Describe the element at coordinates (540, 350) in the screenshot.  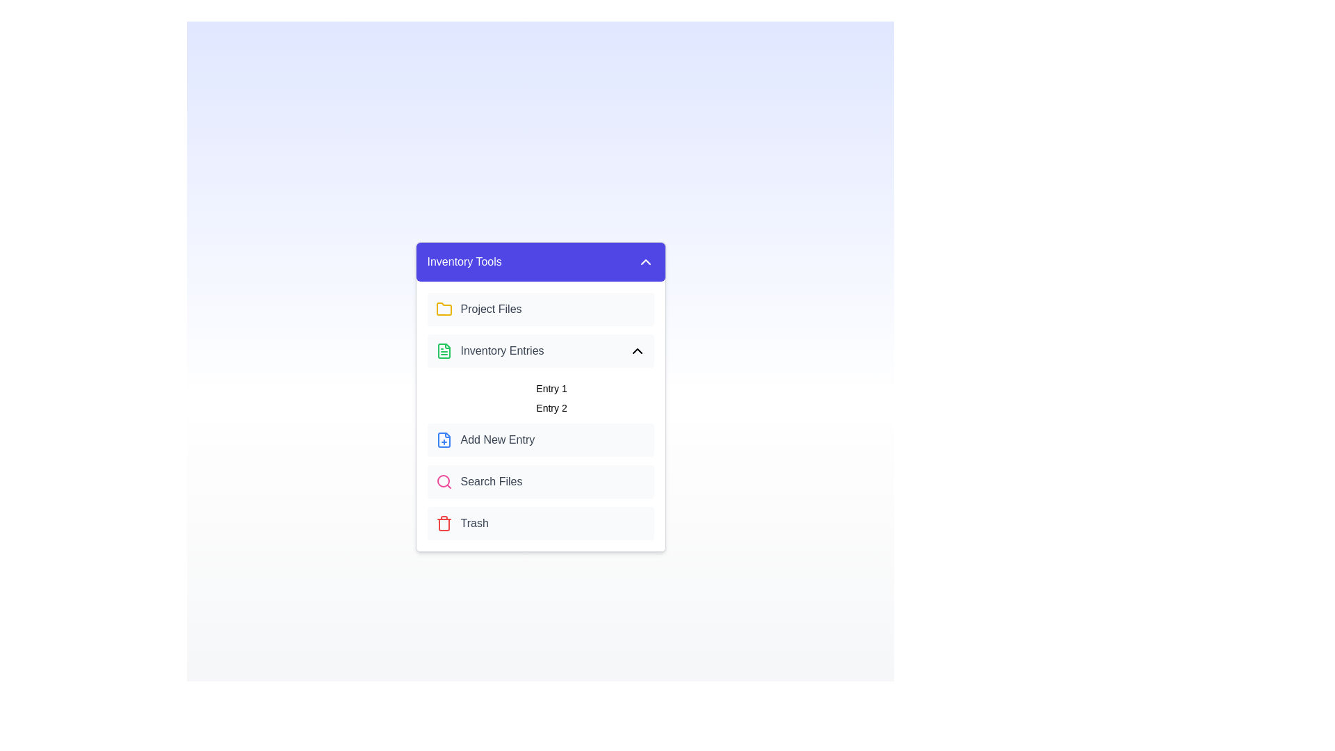
I see `the second list item labeled 'Inventory Entries' with dropdown functionality` at that location.